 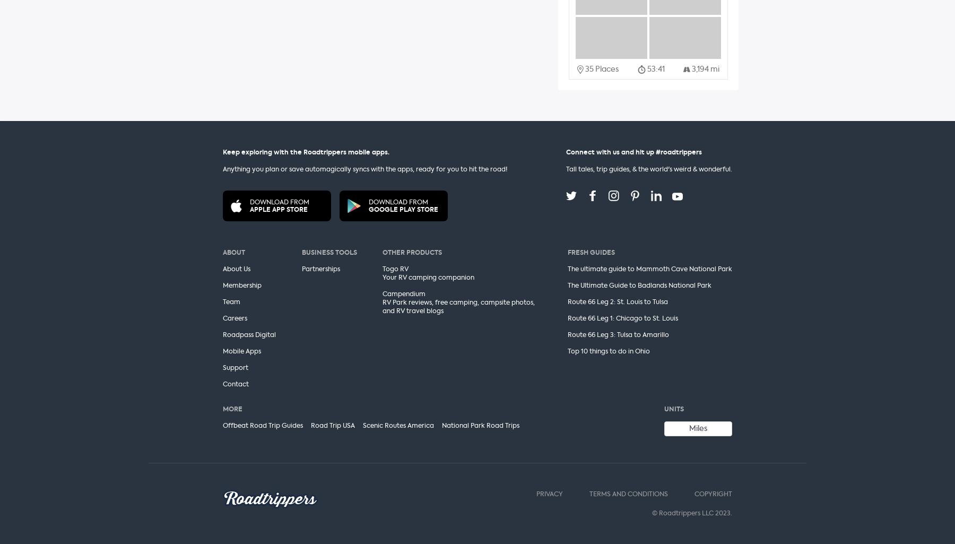 I want to click on 'Tall tales, trip guides, & the world's weird & wonderful.', so click(x=648, y=169).